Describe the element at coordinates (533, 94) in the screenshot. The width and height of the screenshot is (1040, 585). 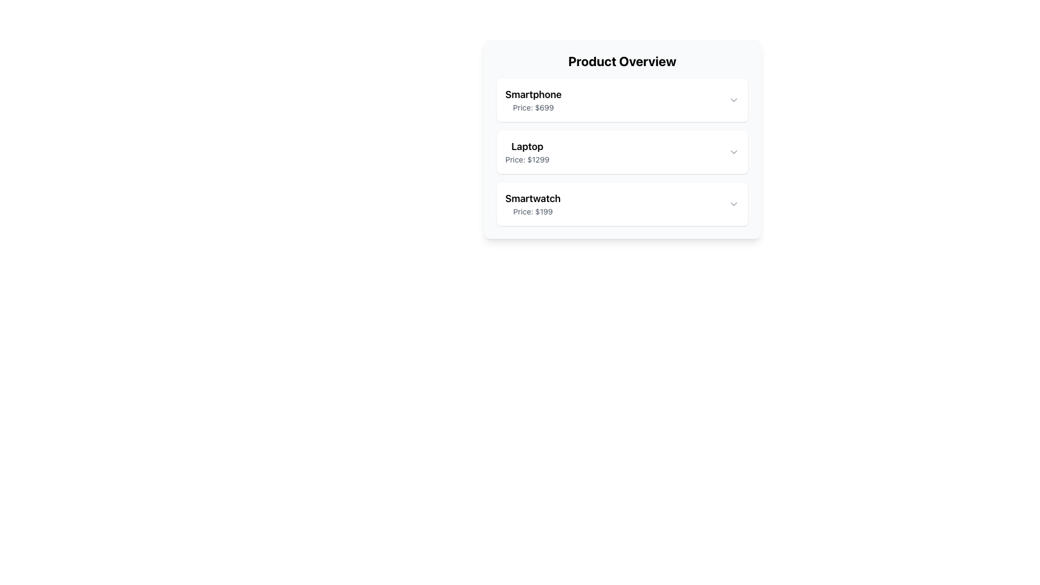
I see `the text label displaying 'Smartphone', which is positioned at the top left corner of the product information block` at that location.